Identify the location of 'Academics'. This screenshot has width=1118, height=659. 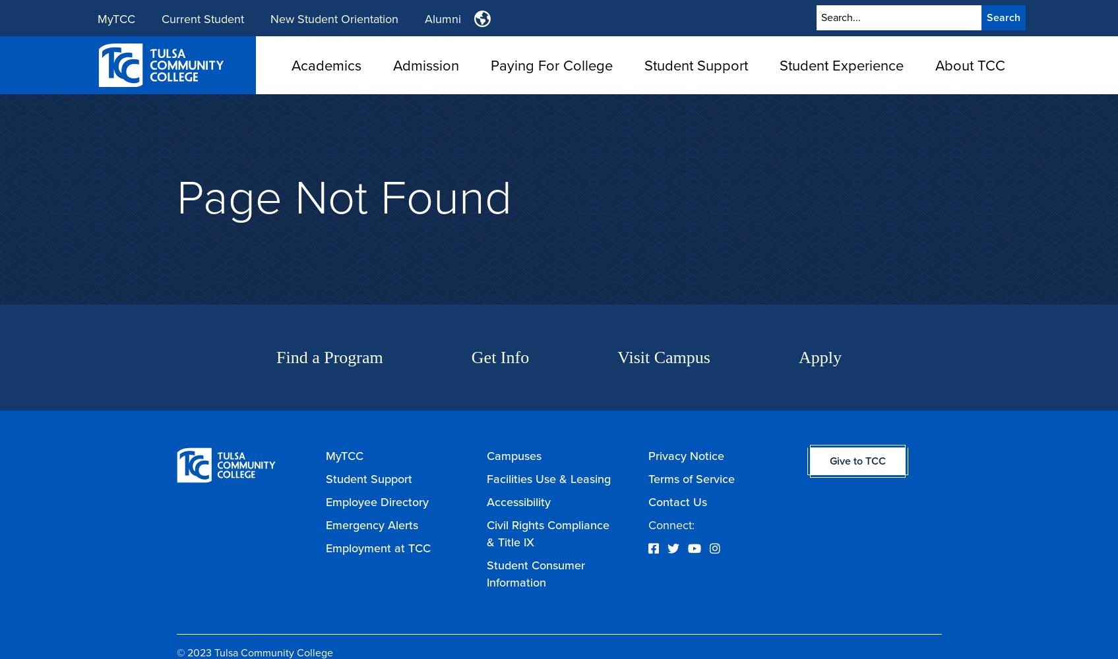
(325, 64).